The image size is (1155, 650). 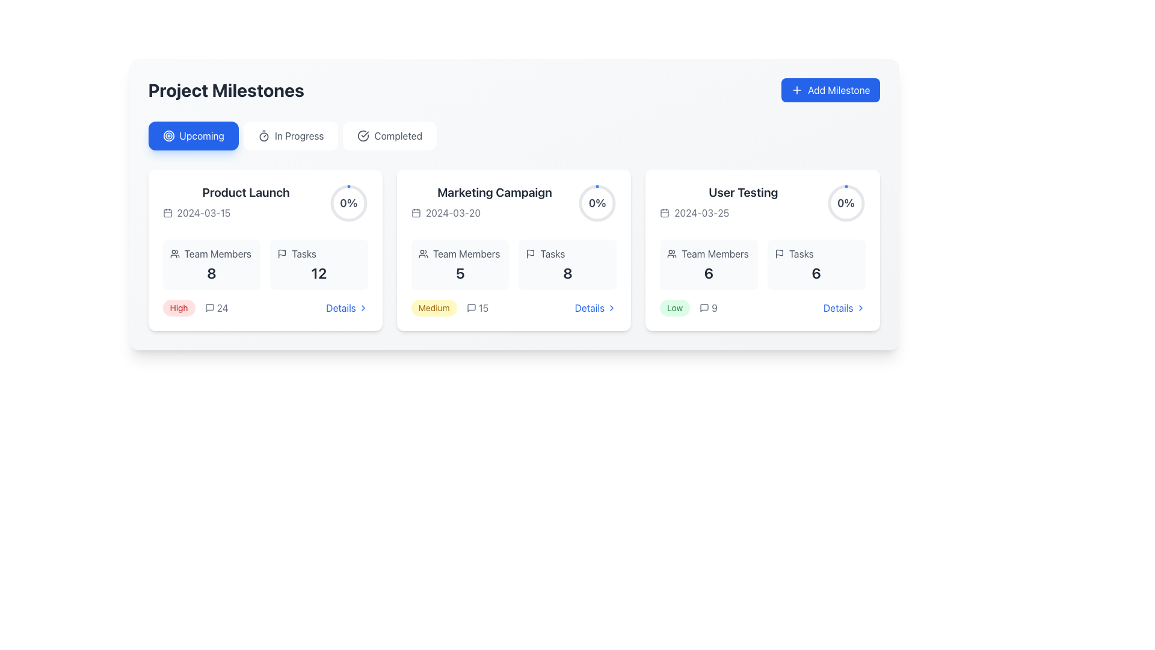 What do you see at coordinates (348, 203) in the screenshot?
I see `the Circular progress indicator with percentage label located at the top-right corner of the 'Product Launch' card` at bounding box center [348, 203].